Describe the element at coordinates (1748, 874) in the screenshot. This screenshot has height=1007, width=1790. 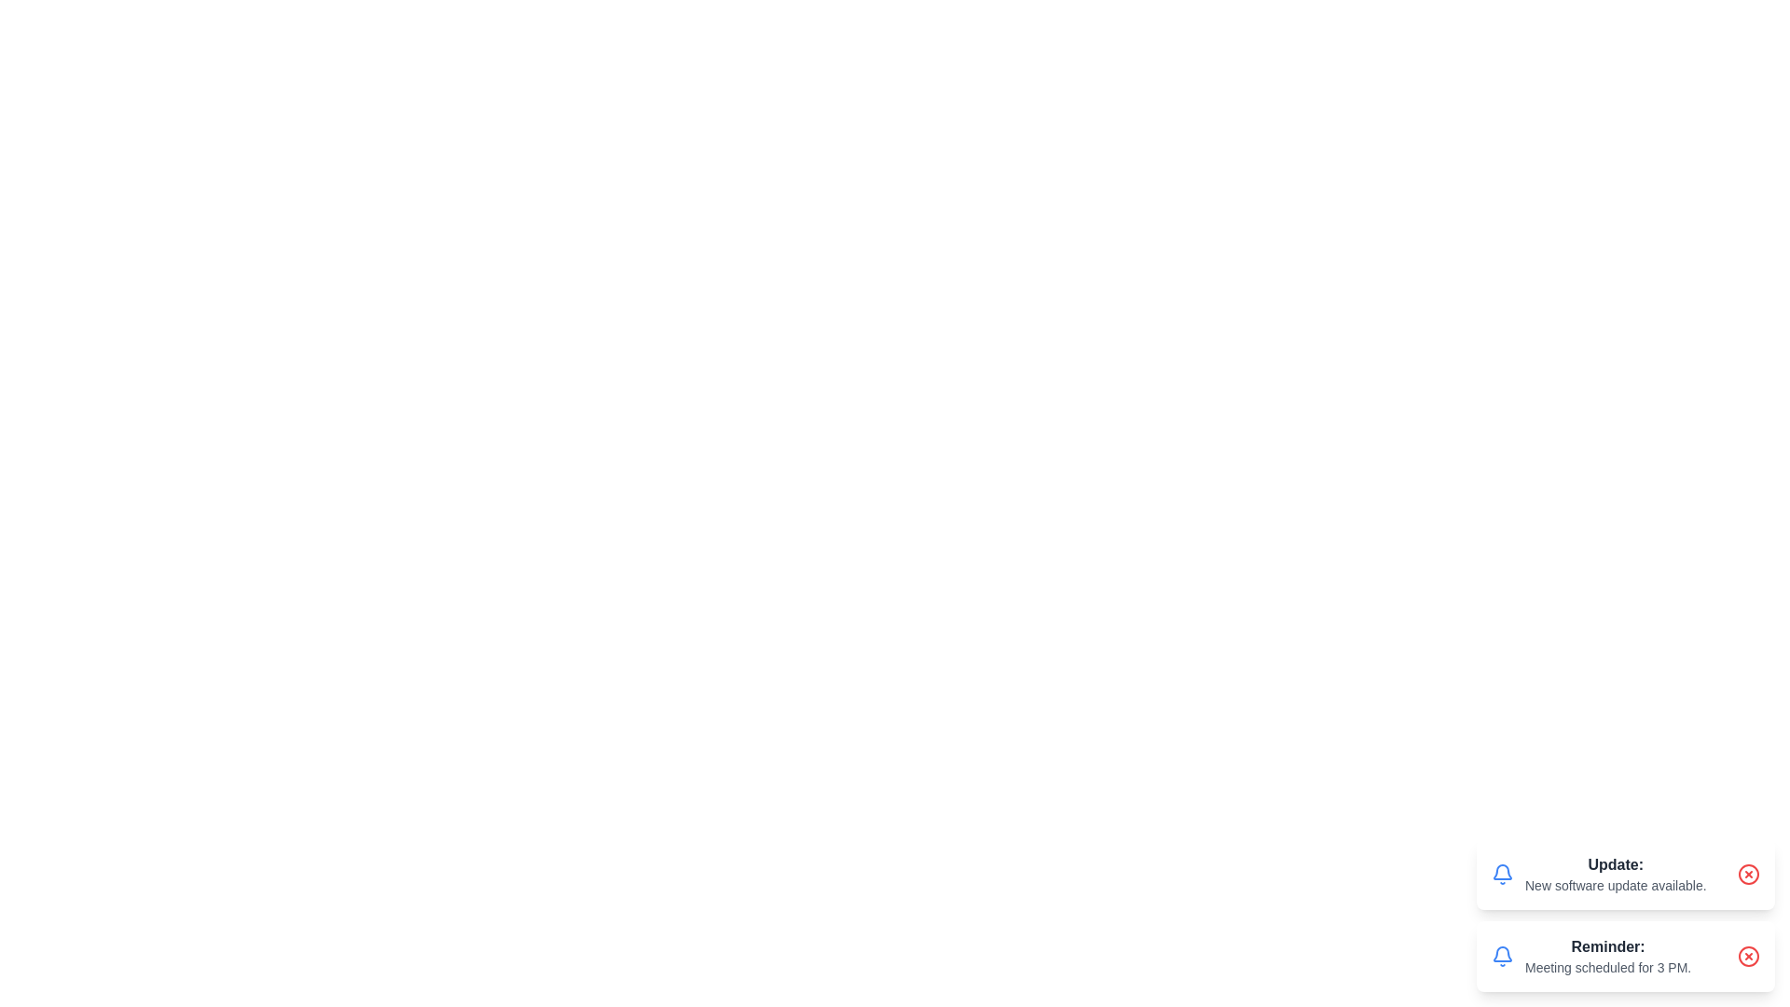
I see `close button of the notification with message 'New software update available.' to remove it` at that location.